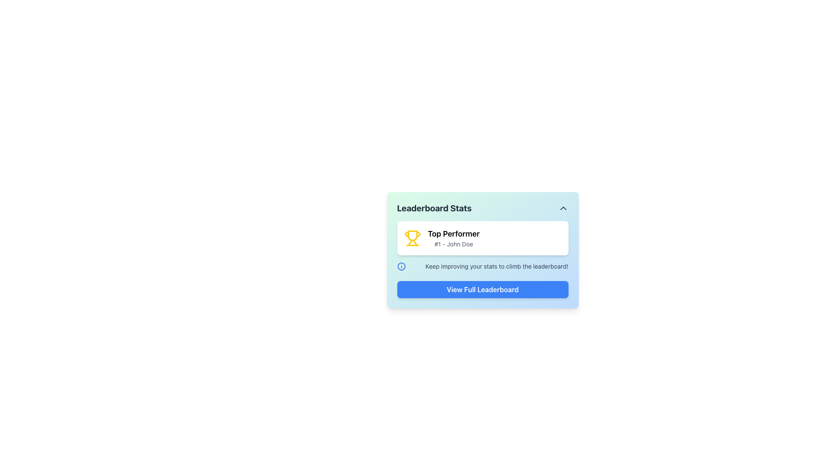 The height and width of the screenshot is (462, 822). What do you see at coordinates (412, 238) in the screenshot?
I see `the gold-colored trophy icon with handles and a base, which is located to the left of the 'Top Performer' text and '#1 - John Doe' label in the highlighted card of the leaderboard section` at bounding box center [412, 238].